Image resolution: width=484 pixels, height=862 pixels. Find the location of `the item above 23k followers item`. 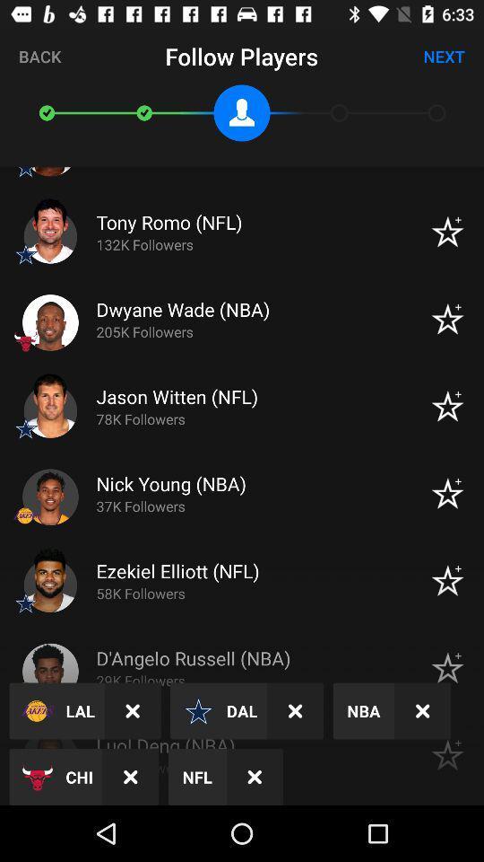

the item above 23k followers item is located at coordinates (422, 711).